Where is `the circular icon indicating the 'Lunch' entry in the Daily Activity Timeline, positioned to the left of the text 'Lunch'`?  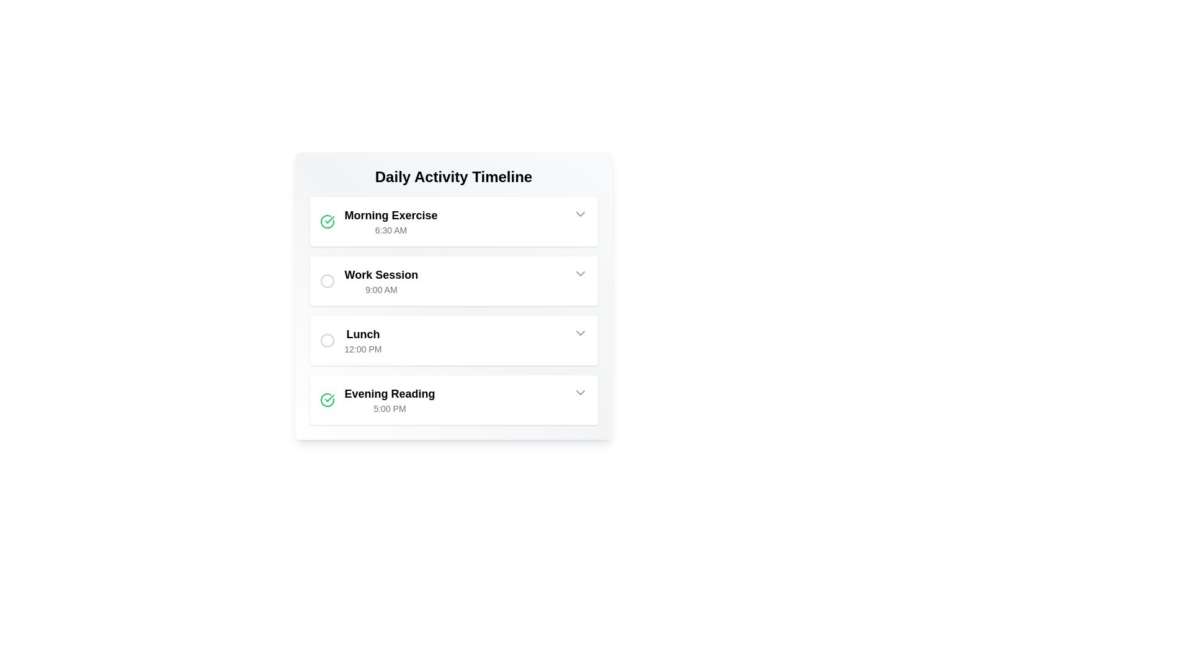 the circular icon indicating the 'Lunch' entry in the Daily Activity Timeline, positioned to the left of the text 'Lunch' is located at coordinates (327, 341).